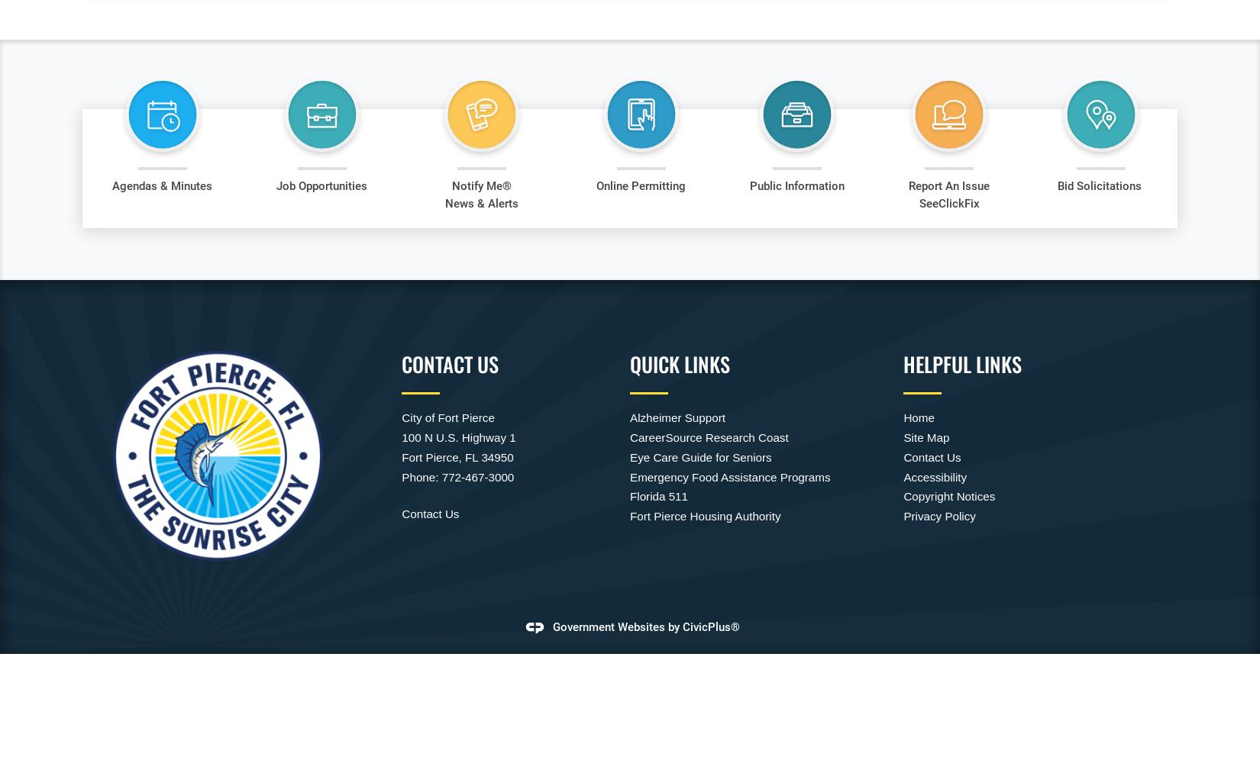  I want to click on 'CivicPlus®', so click(711, 626).